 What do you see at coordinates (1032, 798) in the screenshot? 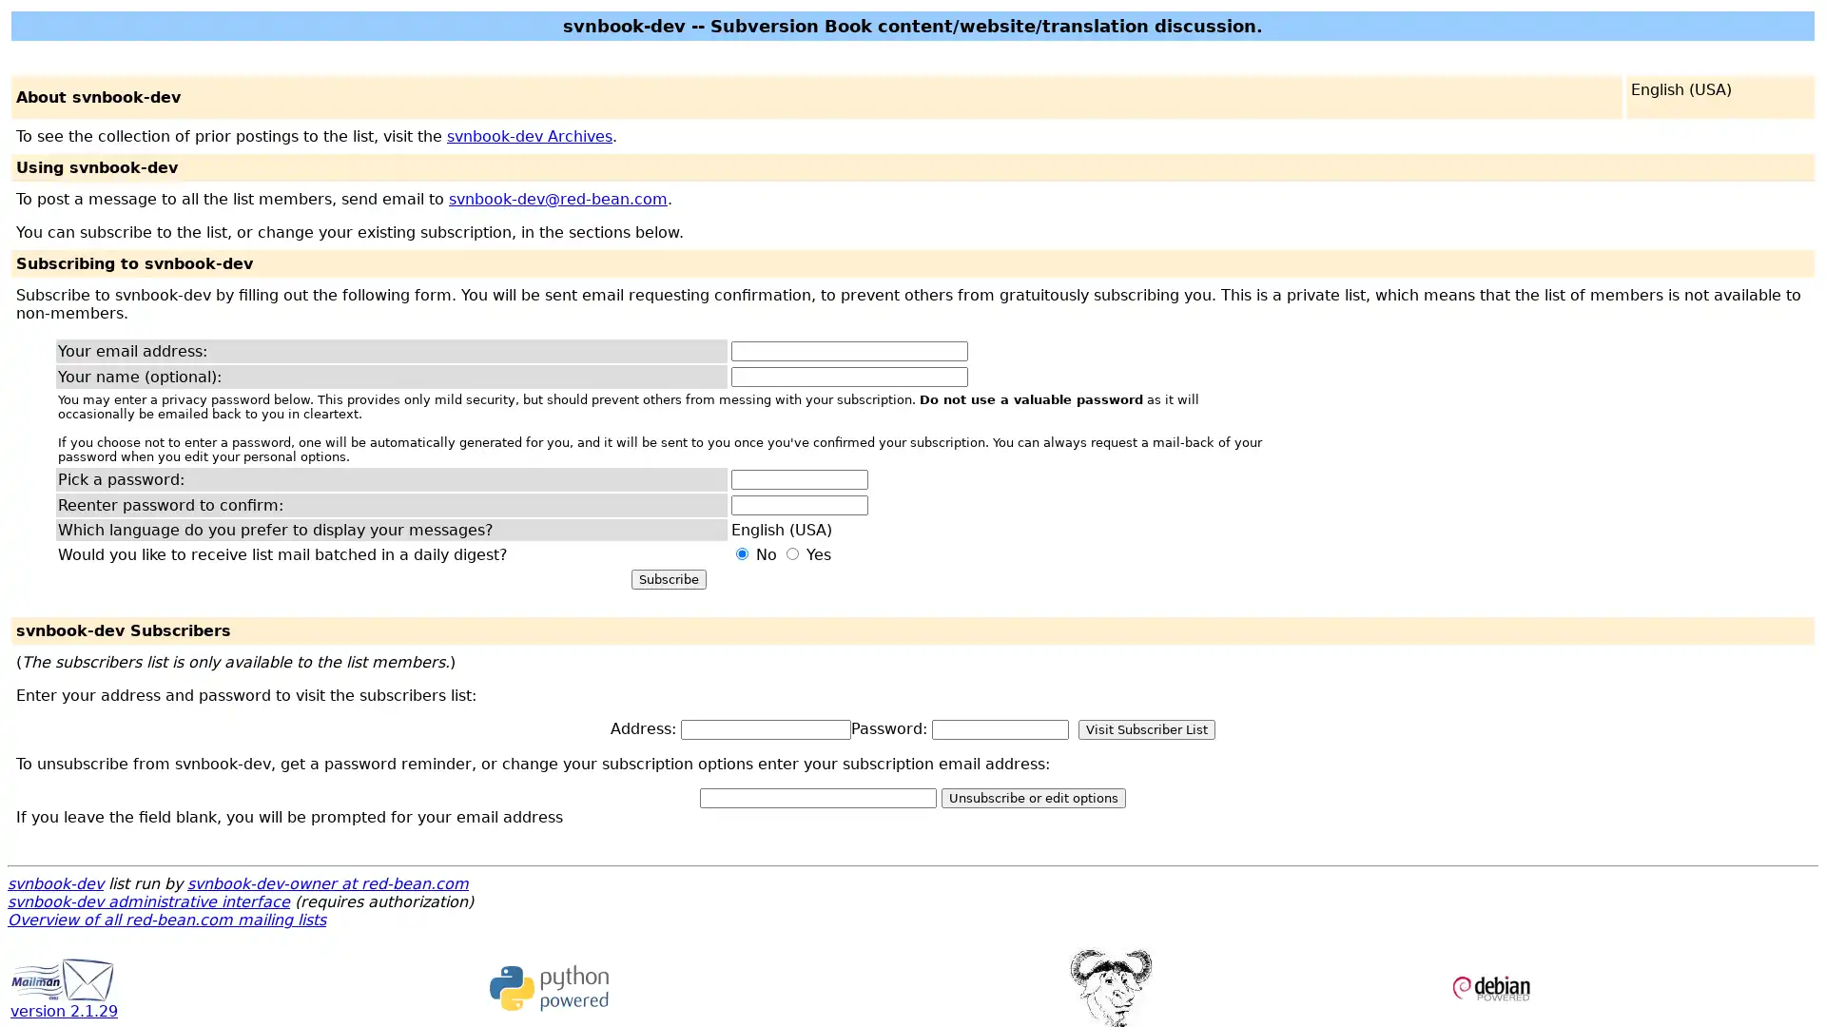
I see `Unsubscribe or edit options` at bounding box center [1032, 798].